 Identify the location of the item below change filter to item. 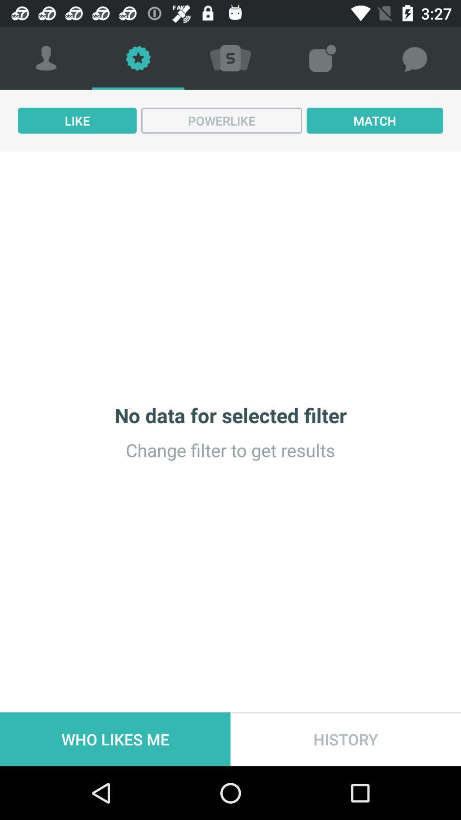
(115, 739).